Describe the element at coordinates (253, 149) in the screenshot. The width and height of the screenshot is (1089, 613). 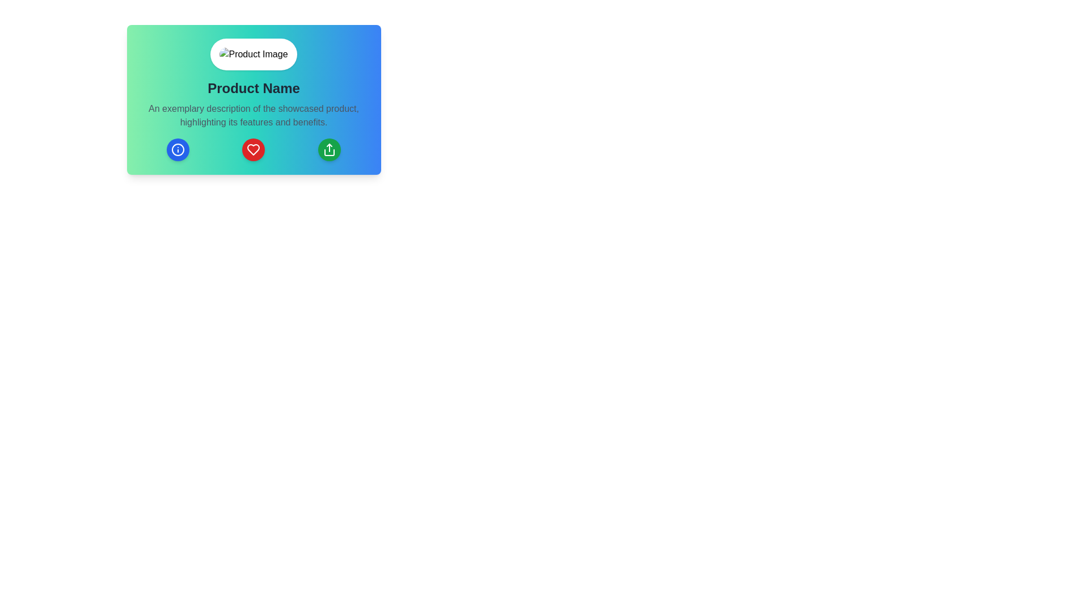
I see `the heart icon, which is centrally located in a row of three circular icons below the product description text` at that location.